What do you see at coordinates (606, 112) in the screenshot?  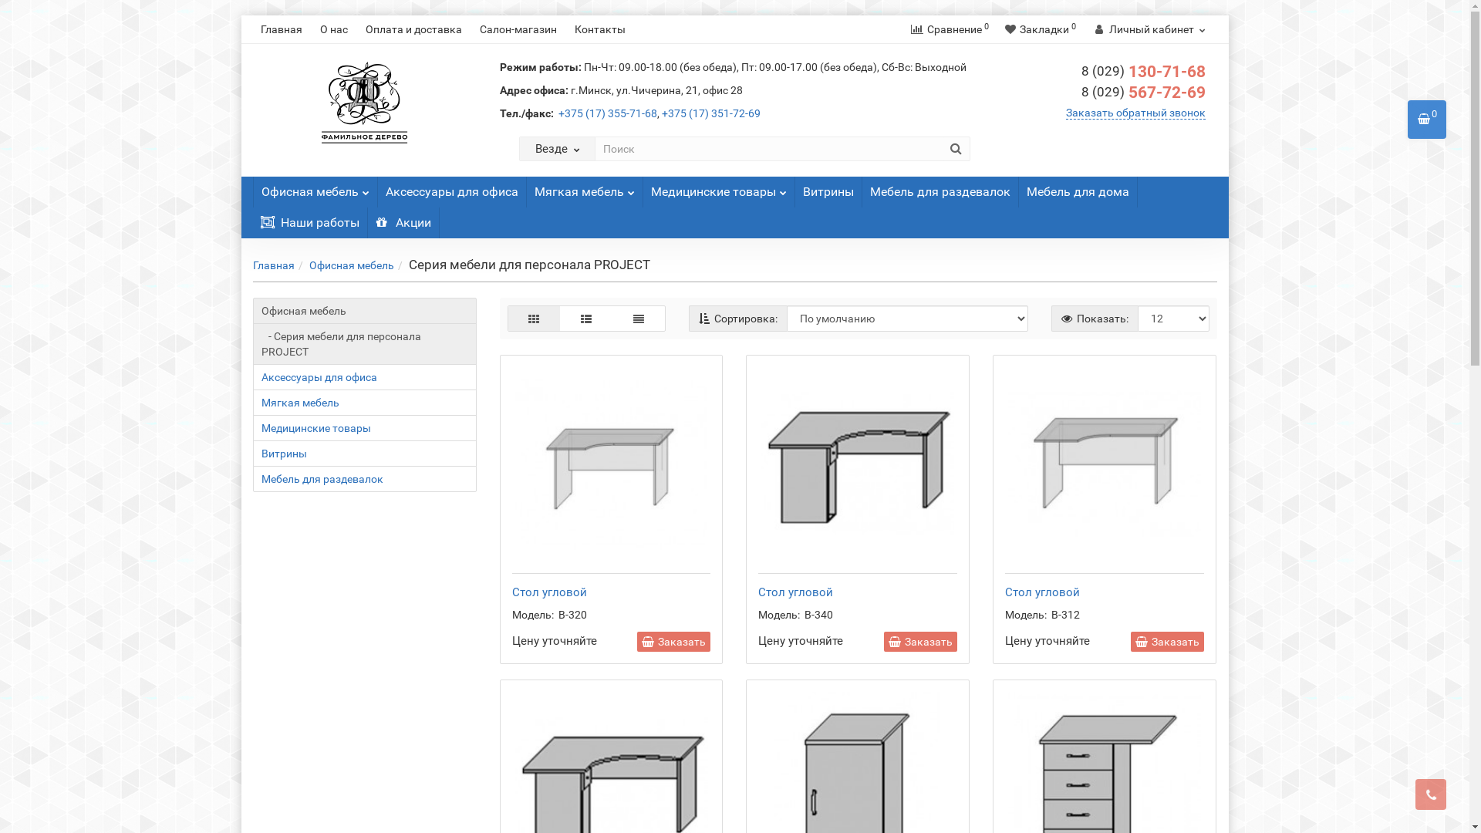 I see `'+375 (17) 355-71-68'` at bounding box center [606, 112].